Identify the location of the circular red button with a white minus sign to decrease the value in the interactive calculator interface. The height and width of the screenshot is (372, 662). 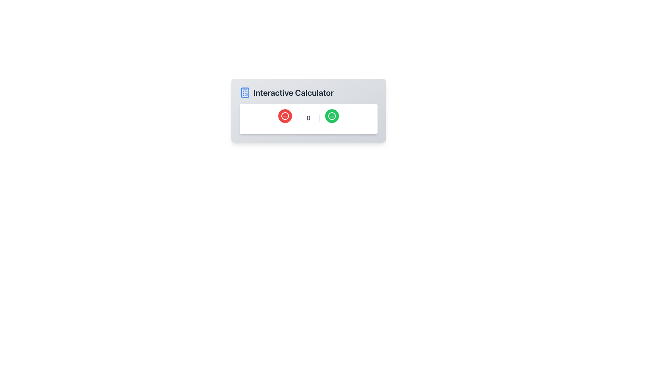
(285, 115).